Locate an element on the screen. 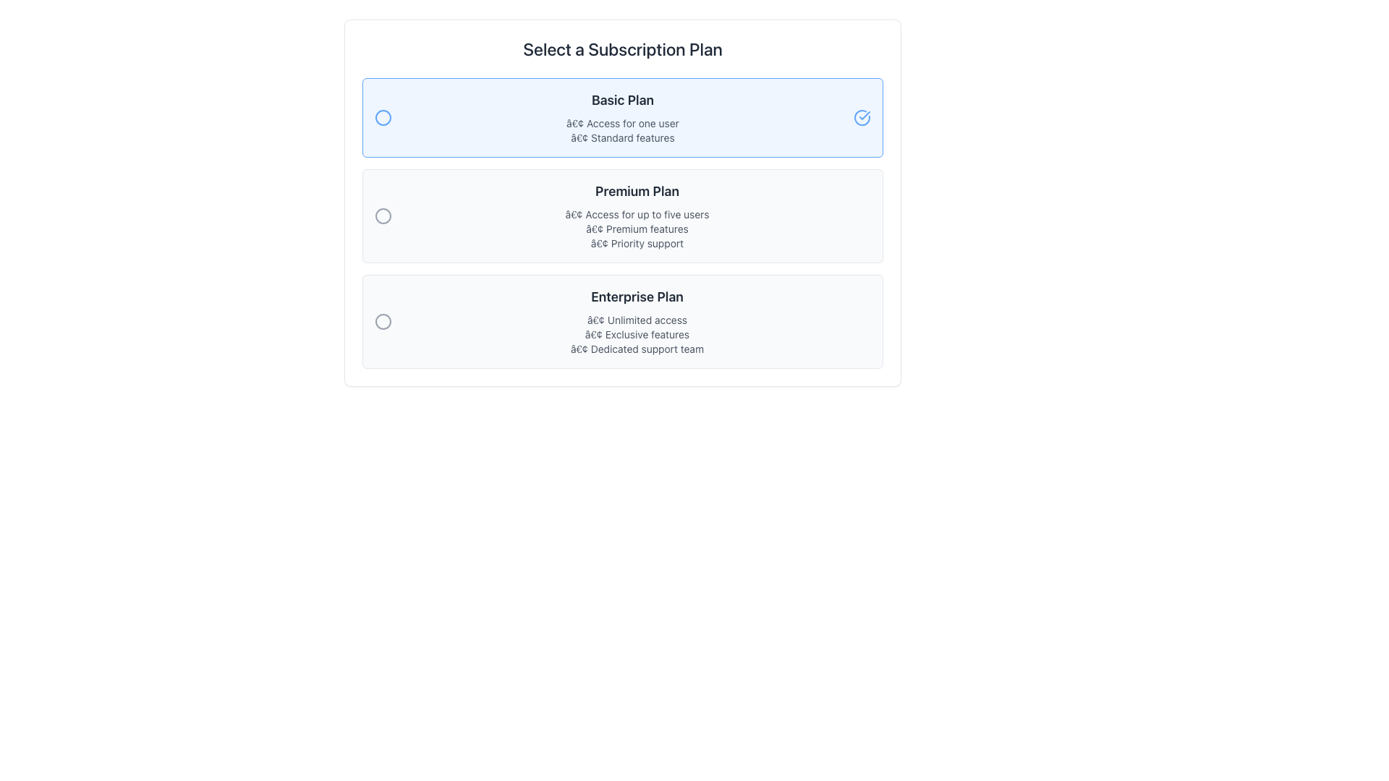  the SVG circle element with a gray outline located in the third row of subscription plans, to the left of the 'Enterprise Plan' section is located at coordinates (383, 320).